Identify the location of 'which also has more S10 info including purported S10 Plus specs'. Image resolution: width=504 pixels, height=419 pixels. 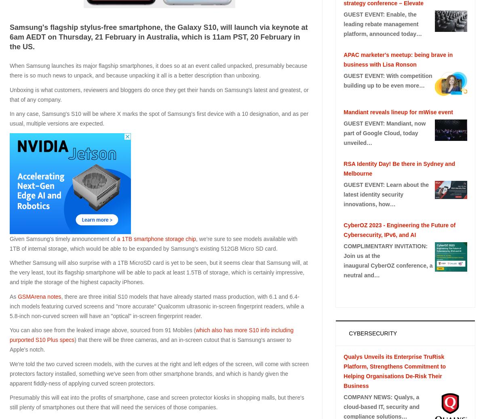
(151, 335).